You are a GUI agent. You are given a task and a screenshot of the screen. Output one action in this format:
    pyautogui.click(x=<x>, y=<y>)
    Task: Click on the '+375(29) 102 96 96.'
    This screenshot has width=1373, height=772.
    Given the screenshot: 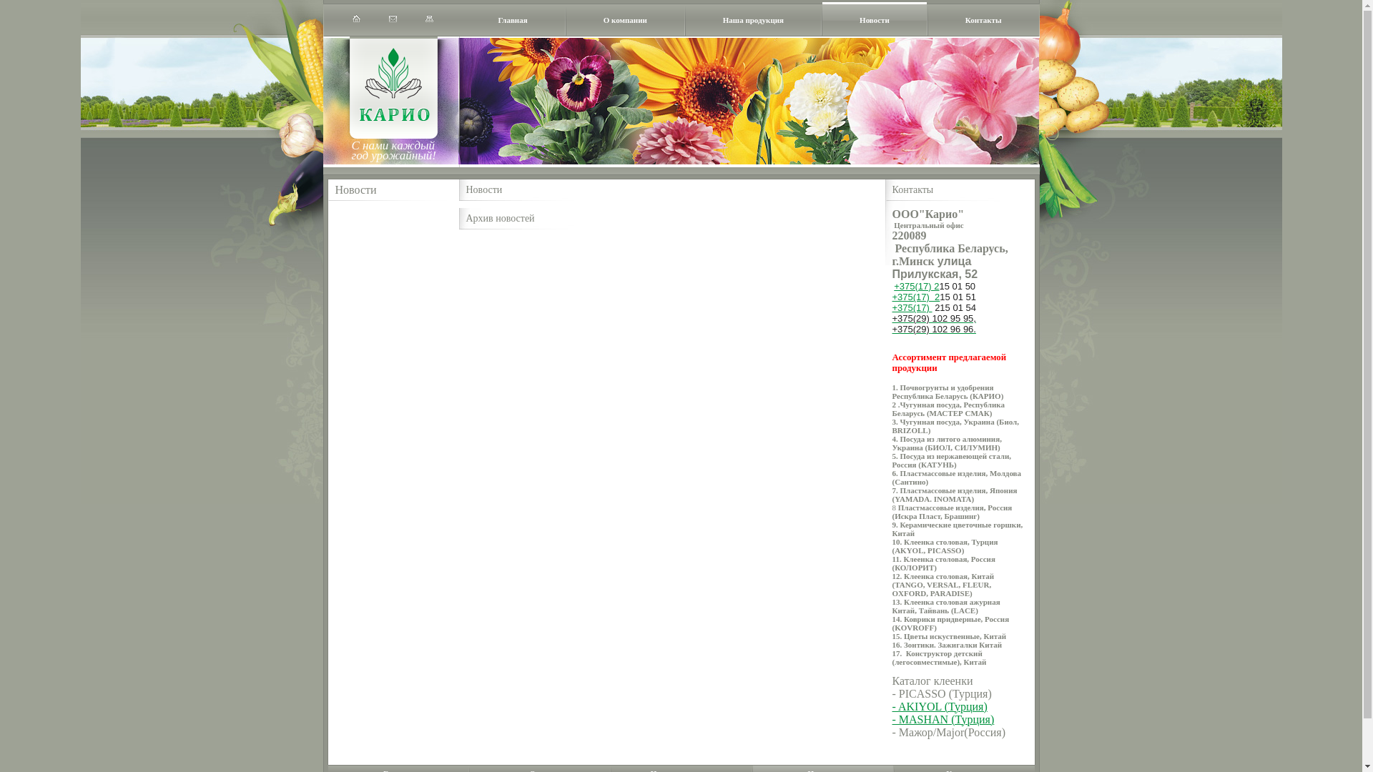 What is the action you would take?
    pyautogui.click(x=934, y=330)
    